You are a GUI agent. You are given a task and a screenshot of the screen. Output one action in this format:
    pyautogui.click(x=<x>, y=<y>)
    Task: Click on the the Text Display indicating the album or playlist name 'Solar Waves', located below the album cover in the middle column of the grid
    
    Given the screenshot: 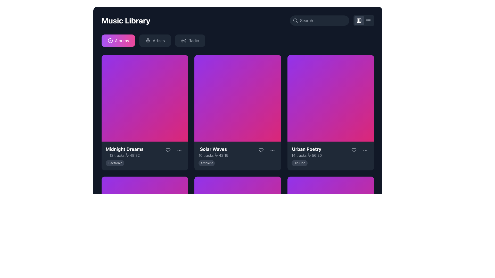 What is the action you would take?
    pyautogui.click(x=213, y=152)
    